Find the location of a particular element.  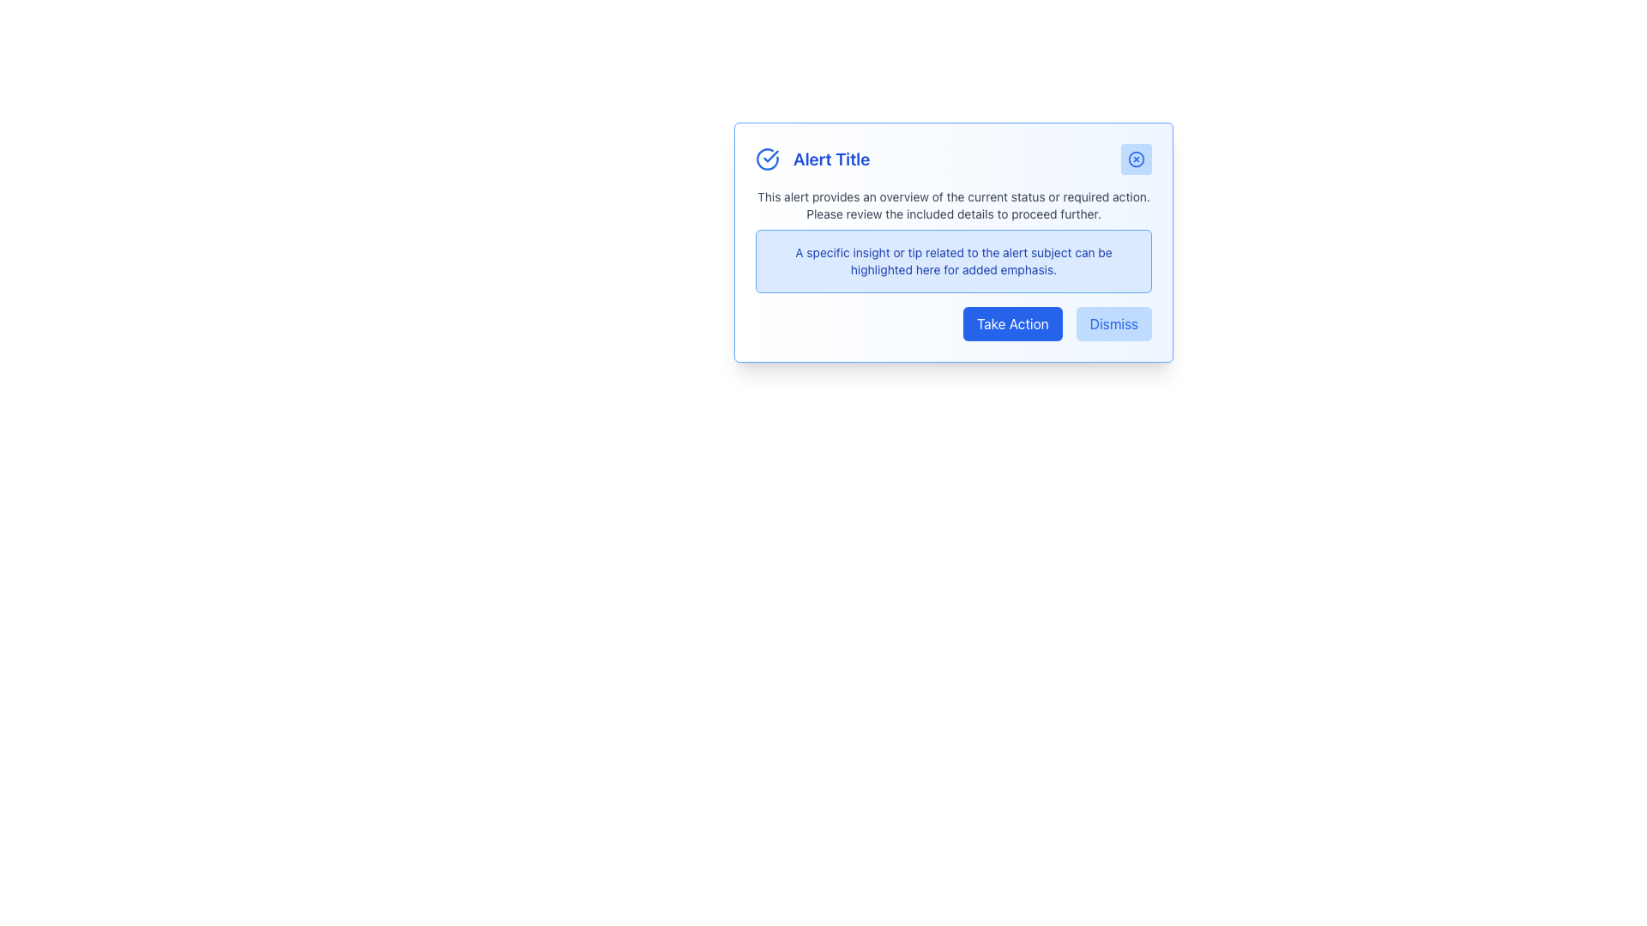

the dismiss button icon, which is a circular blue outline with an X mark in the center, located at the top-right corner of the alert dialog box is located at coordinates (1136, 159).